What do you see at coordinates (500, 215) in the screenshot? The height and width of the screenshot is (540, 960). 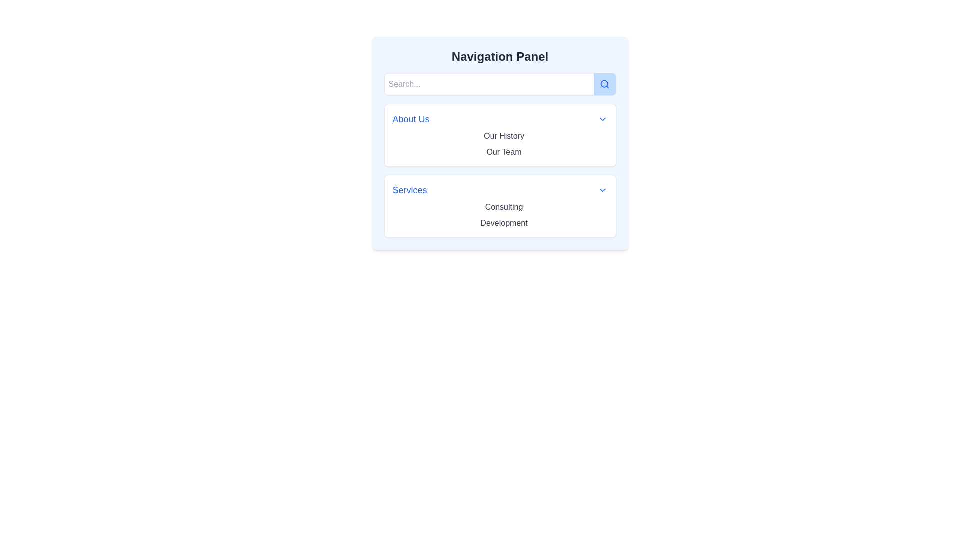 I see `the 'Consulting' item in the vertical list of services` at bounding box center [500, 215].